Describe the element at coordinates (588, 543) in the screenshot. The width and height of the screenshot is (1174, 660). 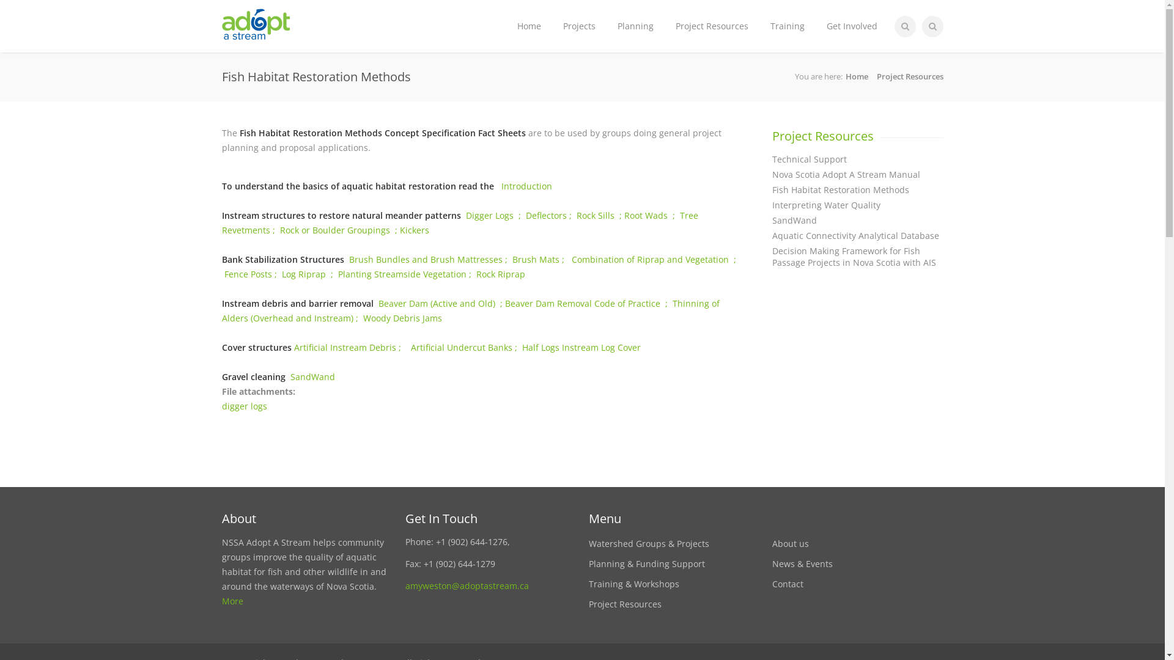
I see `'Watershed Groups & Projects'` at that location.